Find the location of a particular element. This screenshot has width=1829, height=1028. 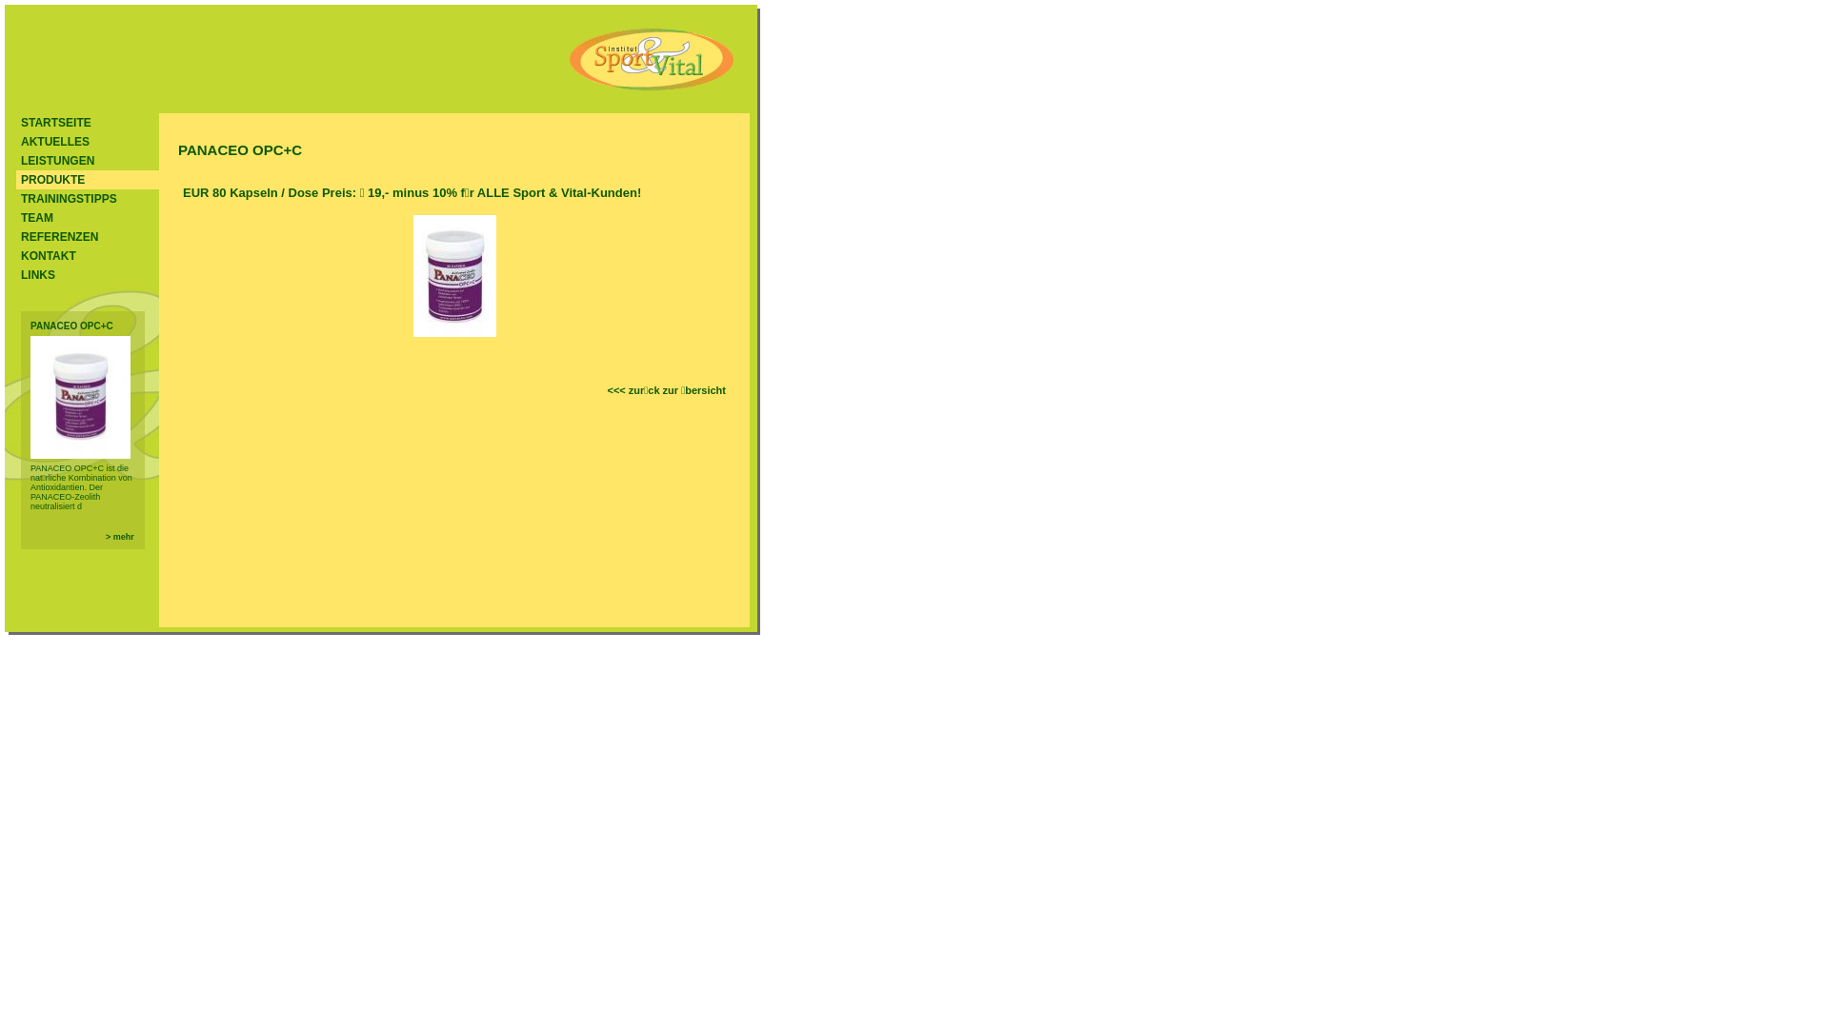

'> mehr' is located at coordinates (118, 536).